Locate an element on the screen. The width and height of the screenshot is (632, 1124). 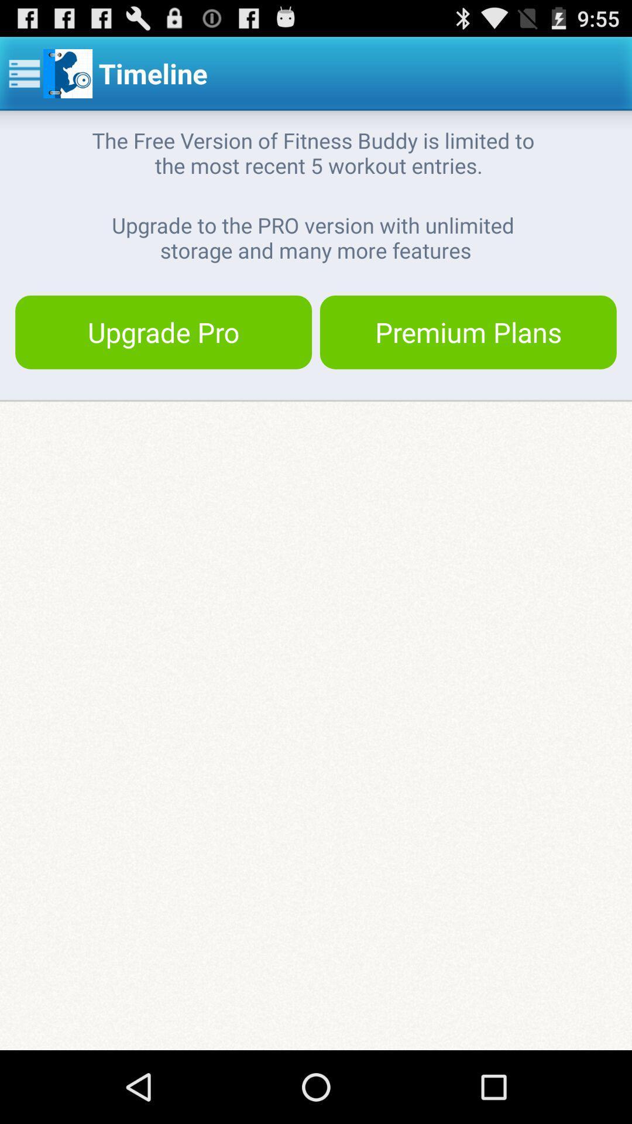
item below upgrade to the app is located at coordinates (468, 331).